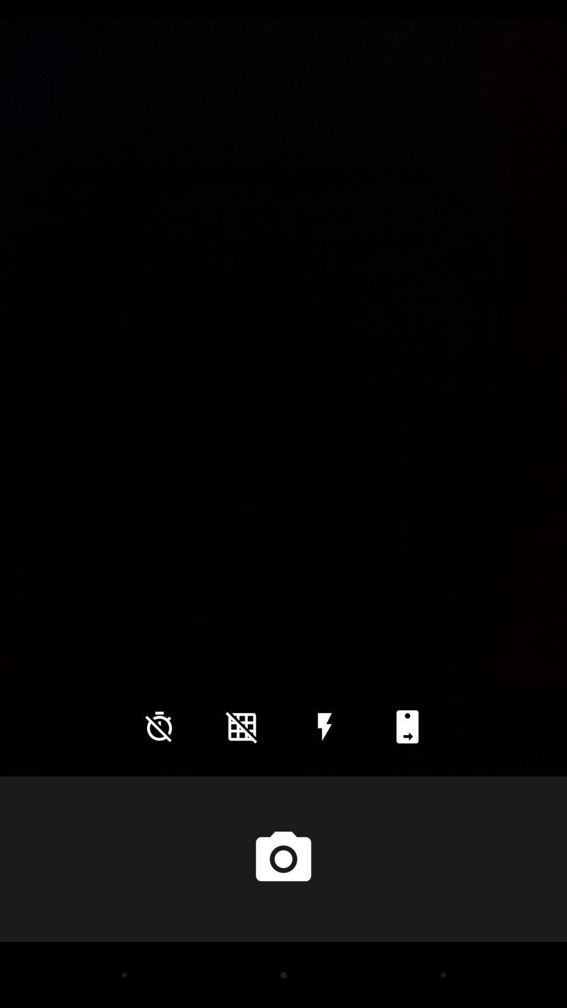 The image size is (567, 1008). I want to click on the time icon, so click(159, 726).